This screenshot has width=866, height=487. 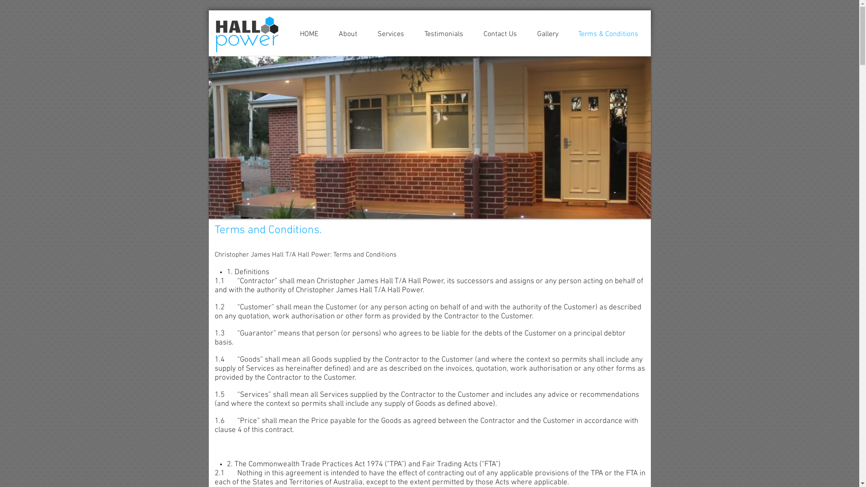 I want to click on 'About', so click(x=347, y=34).